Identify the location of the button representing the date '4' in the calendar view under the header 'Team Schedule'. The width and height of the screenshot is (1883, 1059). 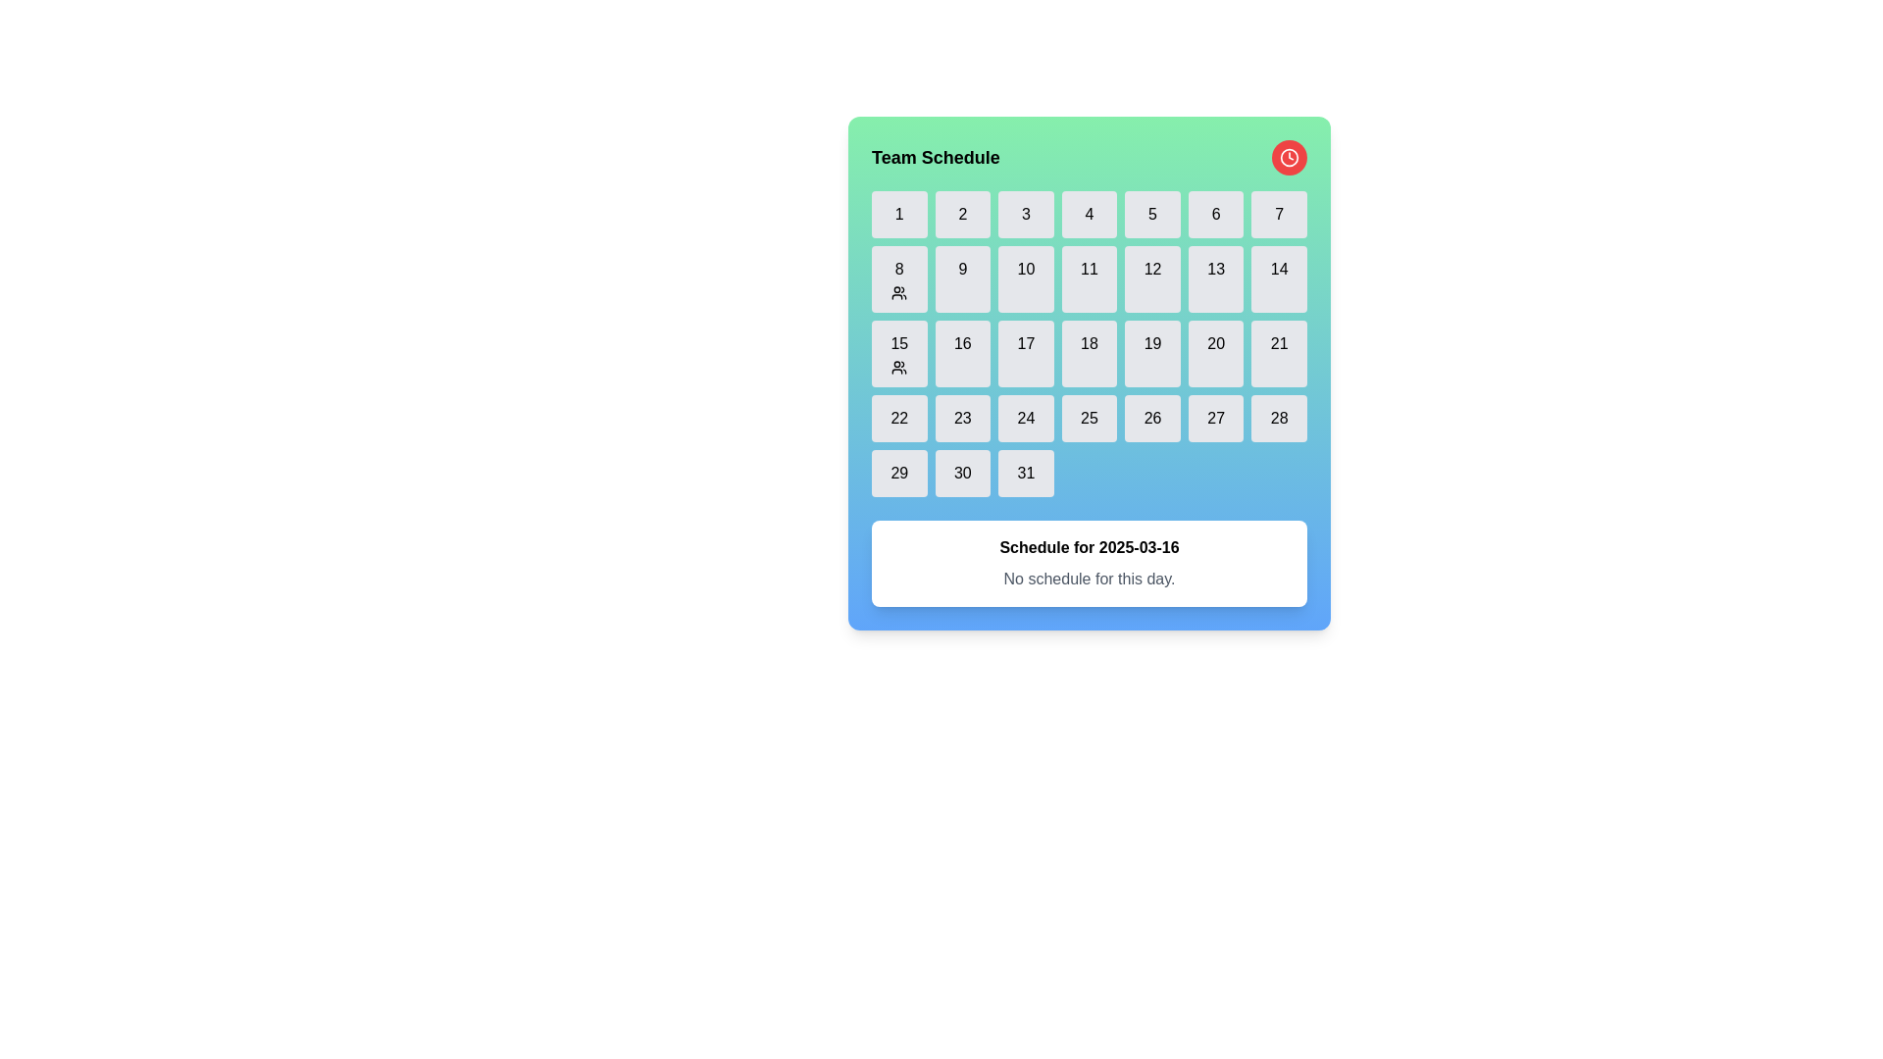
(1088, 215).